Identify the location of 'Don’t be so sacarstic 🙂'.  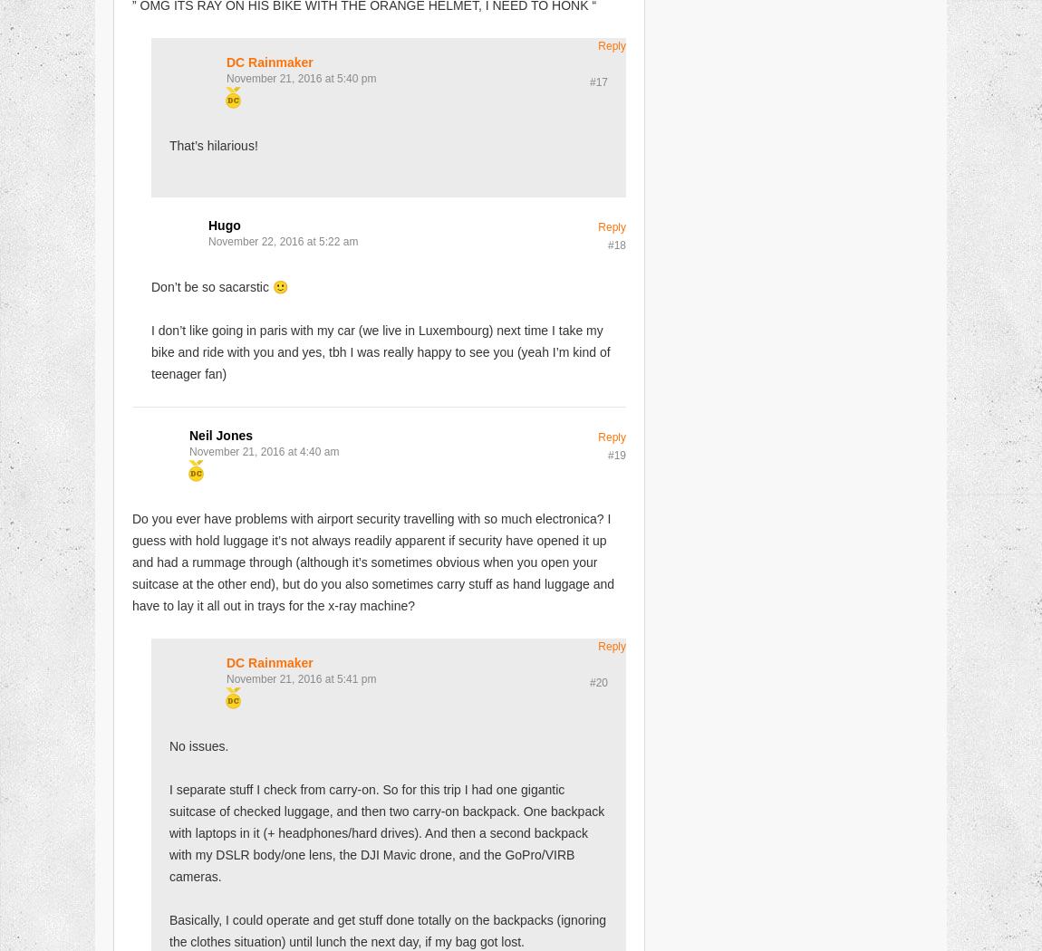
(217, 286).